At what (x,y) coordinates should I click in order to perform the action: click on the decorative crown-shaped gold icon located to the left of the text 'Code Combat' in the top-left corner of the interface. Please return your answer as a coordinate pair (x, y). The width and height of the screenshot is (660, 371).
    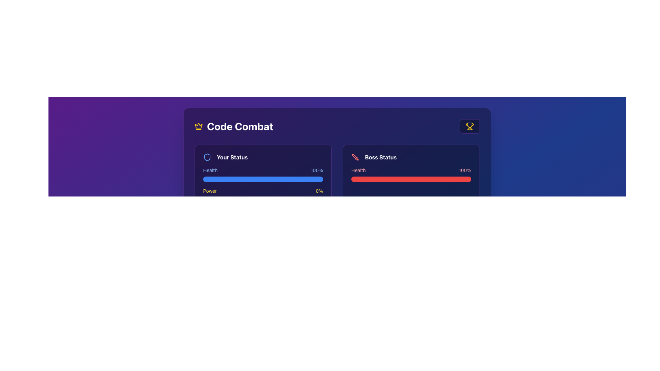
    Looking at the image, I should click on (198, 126).